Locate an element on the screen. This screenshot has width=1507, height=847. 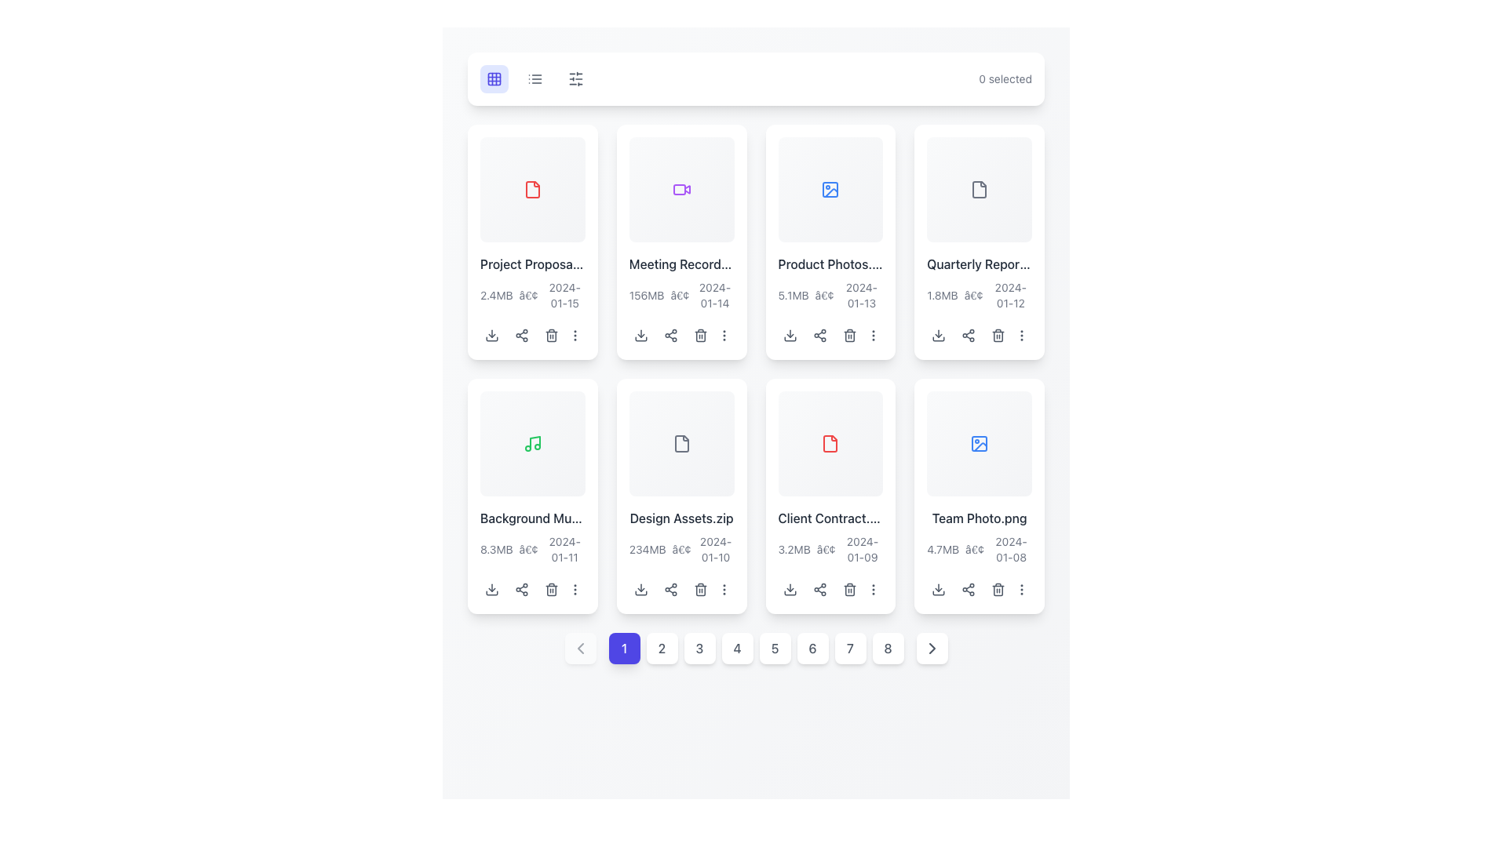
the file icon representing 'Project Proposal', which is the first item in the top row of file cards is located at coordinates (532, 188).